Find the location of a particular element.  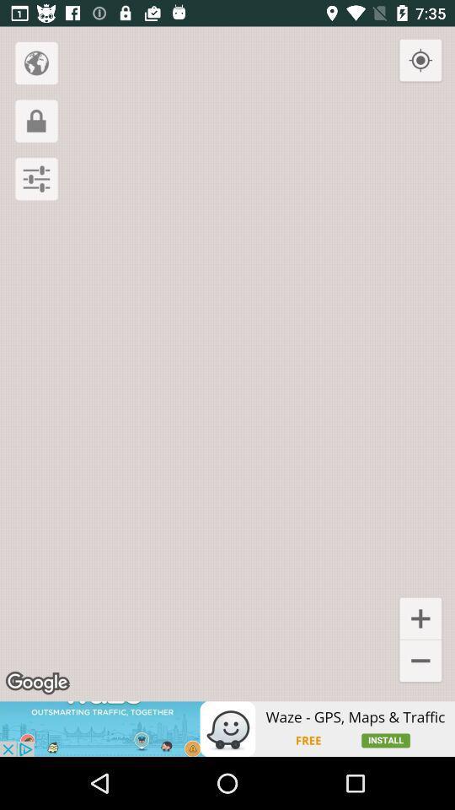

install app is located at coordinates (227, 728).